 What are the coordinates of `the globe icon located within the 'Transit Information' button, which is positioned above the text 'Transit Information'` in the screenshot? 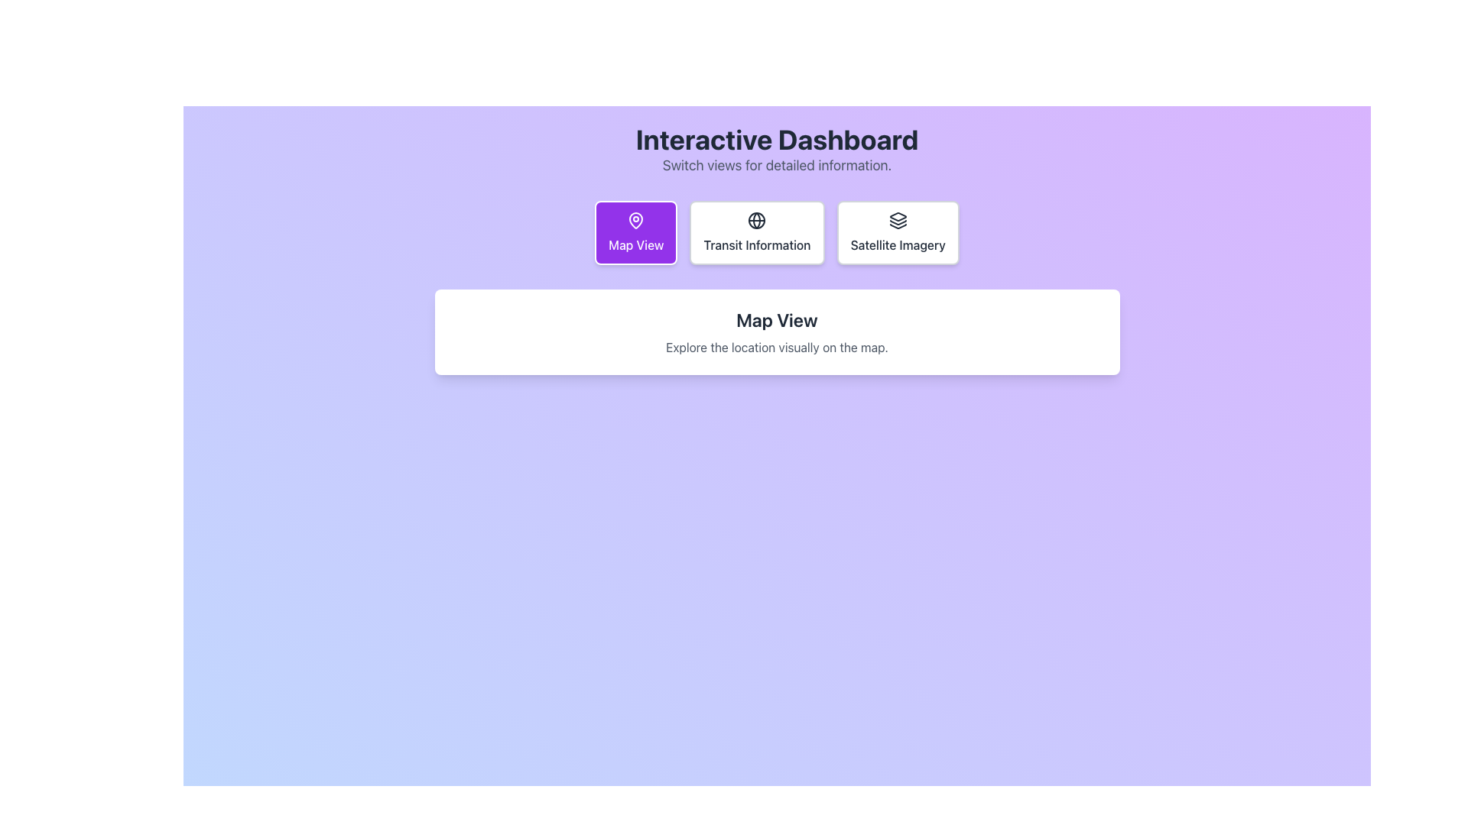 It's located at (757, 221).